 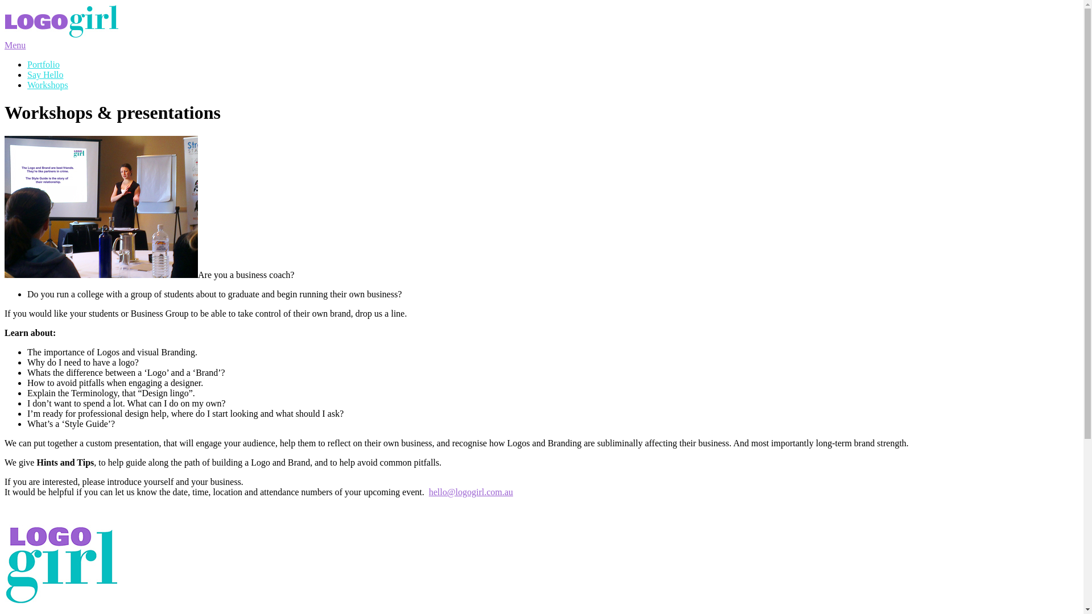 What do you see at coordinates (15, 44) in the screenshot?
I see `'Menu'` at bounding box center [15, 44].